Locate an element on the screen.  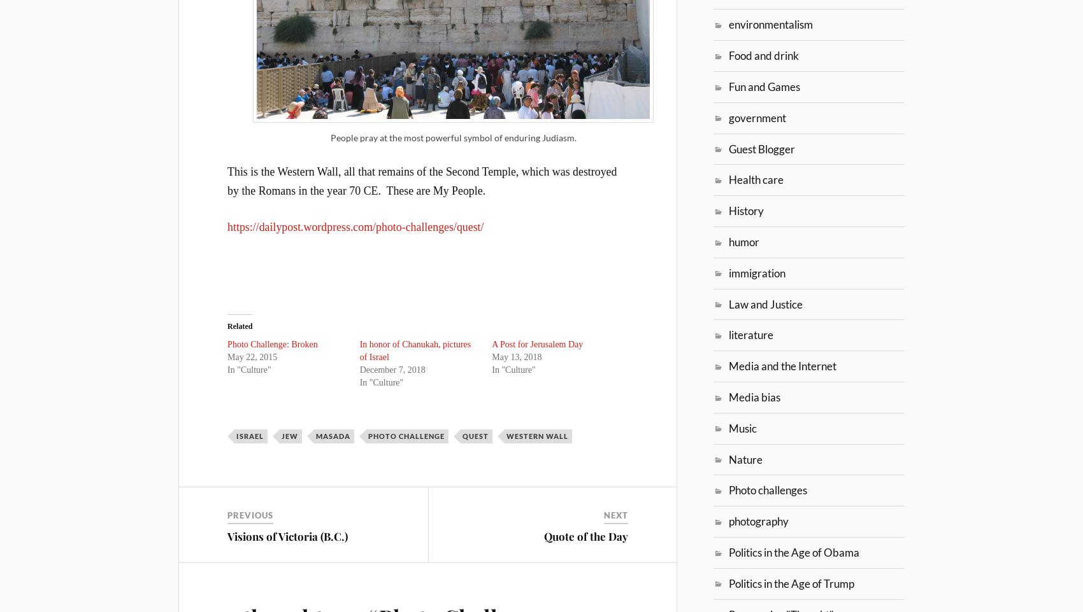
'Music' is located at coordinates (743, 428).